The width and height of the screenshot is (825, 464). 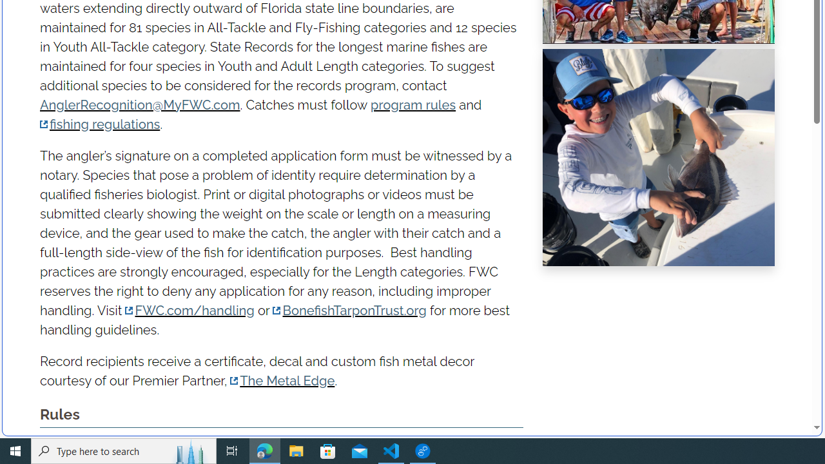 What do you see at coordinates (139, 104) in the screenshot?
I see `'AnglerRecognition@MyFWC.com'` at bounding box center [139, 104].